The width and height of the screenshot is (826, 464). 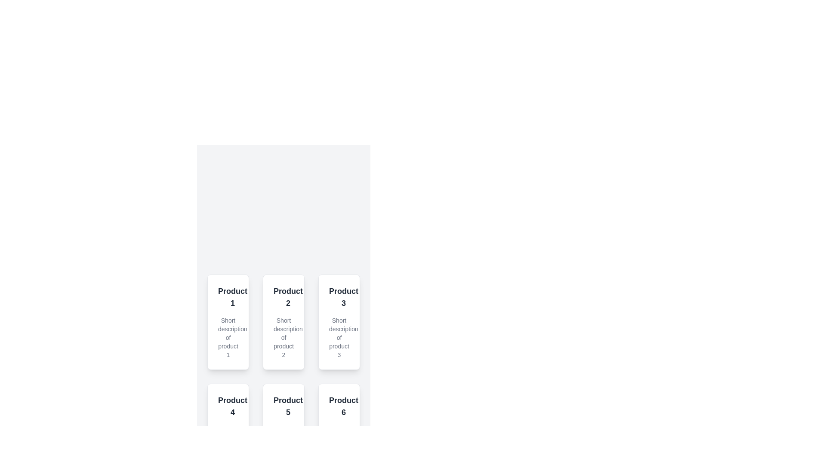 I want to click on the 'Product 3' text label which is displayed in bold and larger font at the top of its product card layout, so click(x=339, y=296).